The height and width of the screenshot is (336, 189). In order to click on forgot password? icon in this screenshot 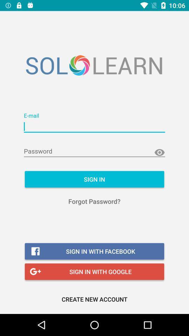, I will do `click(94, 201)`.